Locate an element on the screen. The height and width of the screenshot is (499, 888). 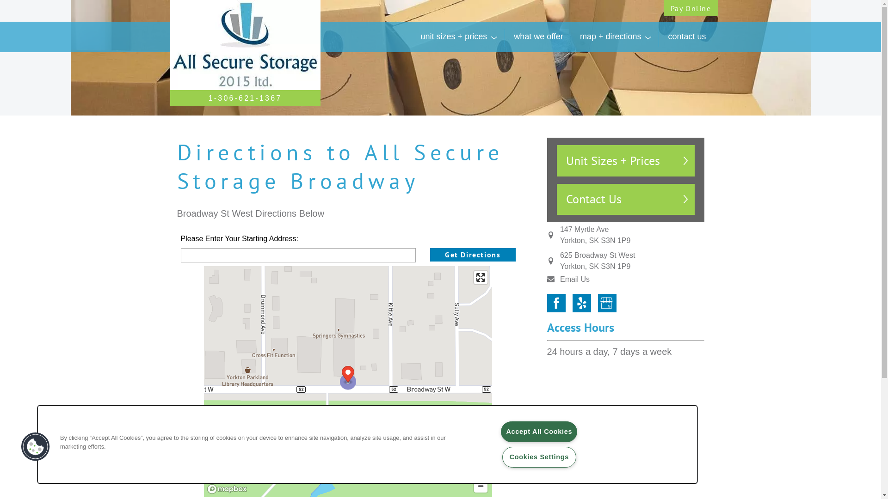
'Accept All Cookies' is located at coordinates (500, 432).